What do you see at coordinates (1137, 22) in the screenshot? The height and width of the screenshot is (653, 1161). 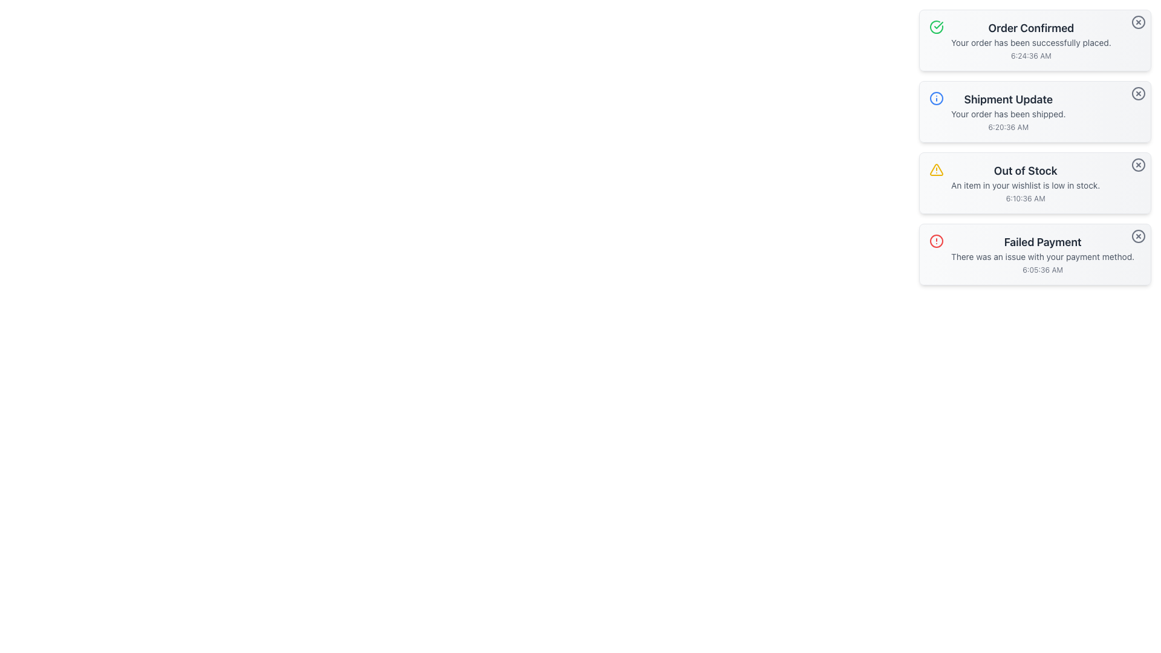 I see `the close-button icon located at the top-right corner of the 'Order Confirmed' notification card, represented by the circular vector graphic` at bounding box center [1137, 22].